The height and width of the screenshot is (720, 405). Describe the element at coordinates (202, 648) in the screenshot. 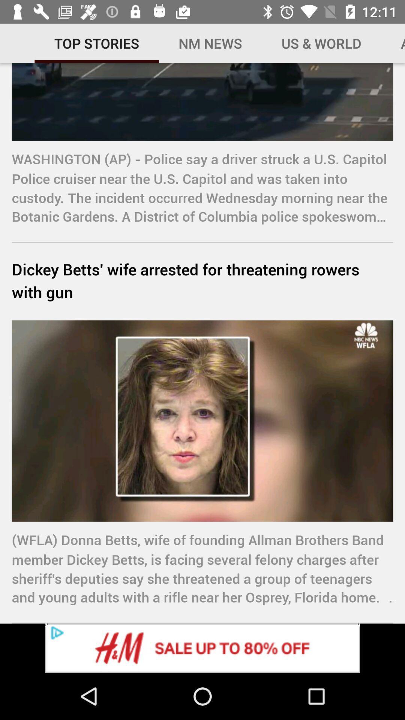

I see `advertisement` at that location.